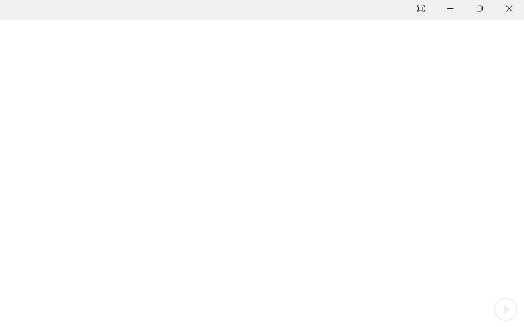  I want to click on 'Restore Down', so click(480, 9).